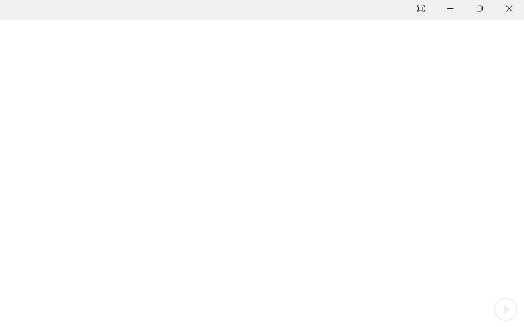  I want to click on 'Restore Down', so click(480, 9).